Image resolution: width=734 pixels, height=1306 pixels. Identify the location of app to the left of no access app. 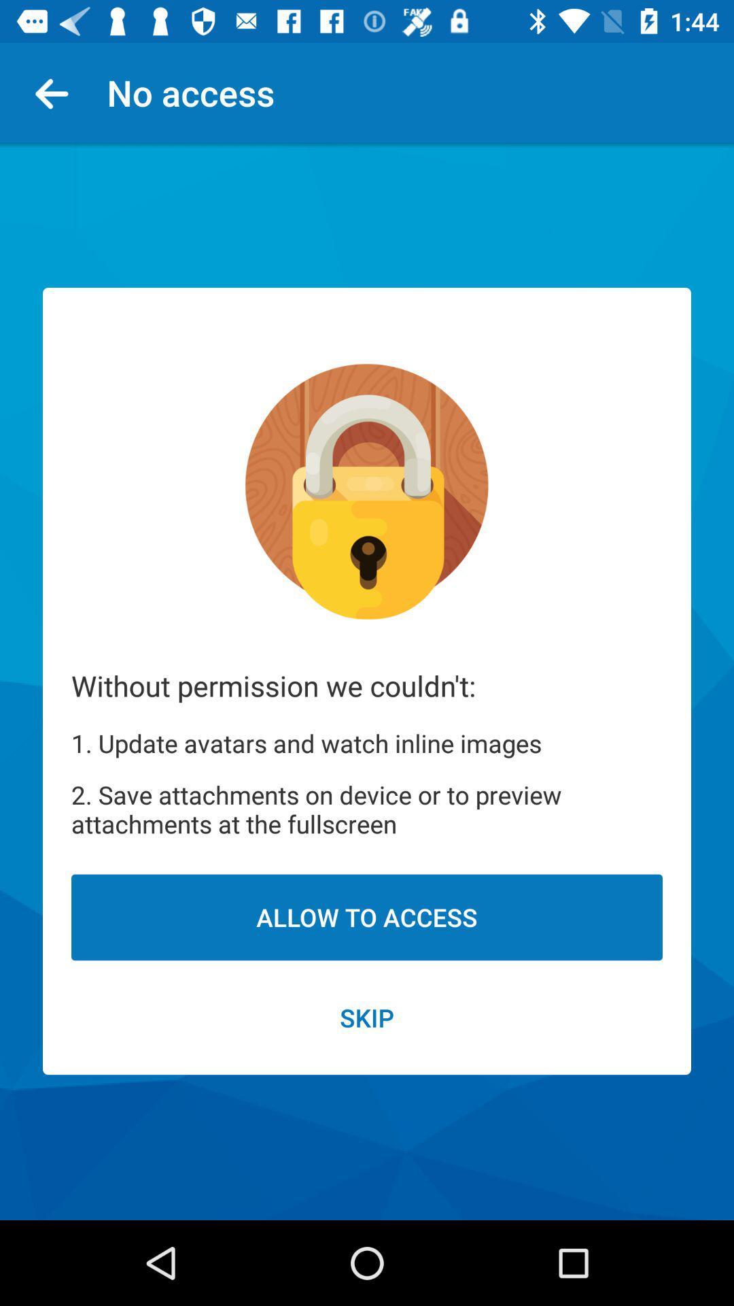
(56, 92).